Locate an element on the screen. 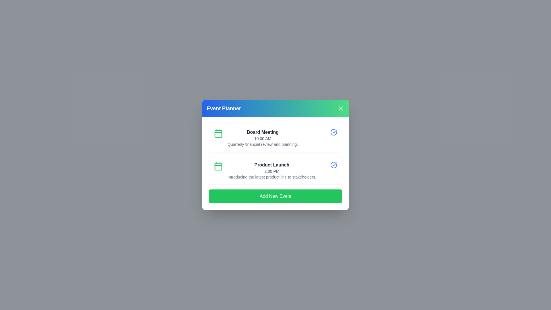 The width and height of the screenshot is (551, 310). the Interactive button in the 'Product Launch' section is located at coordinates (333, 165).